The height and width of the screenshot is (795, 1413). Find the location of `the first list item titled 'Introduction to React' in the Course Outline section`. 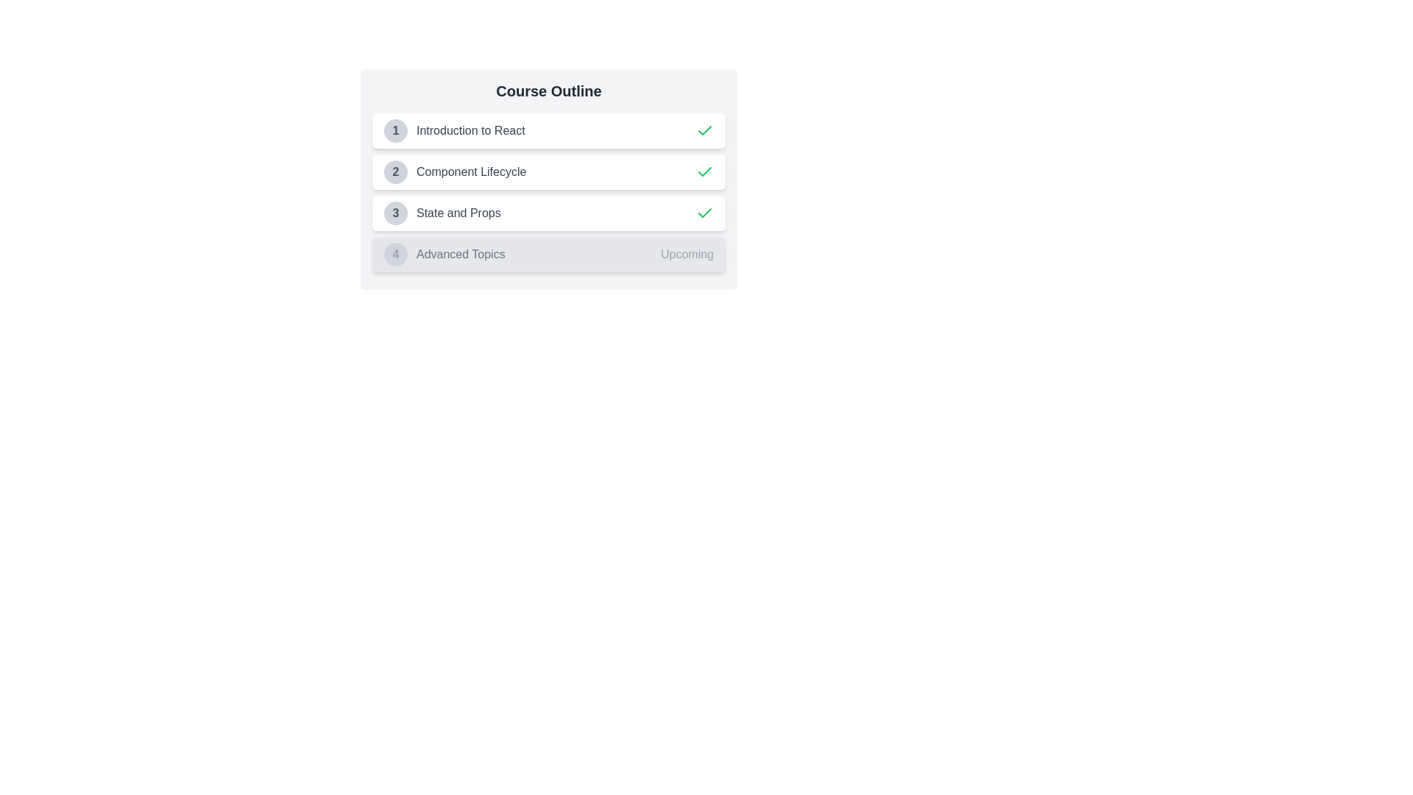

the first list item titled 'Introduction to React' in the Course Outline section is located at coordinates (548, 130).